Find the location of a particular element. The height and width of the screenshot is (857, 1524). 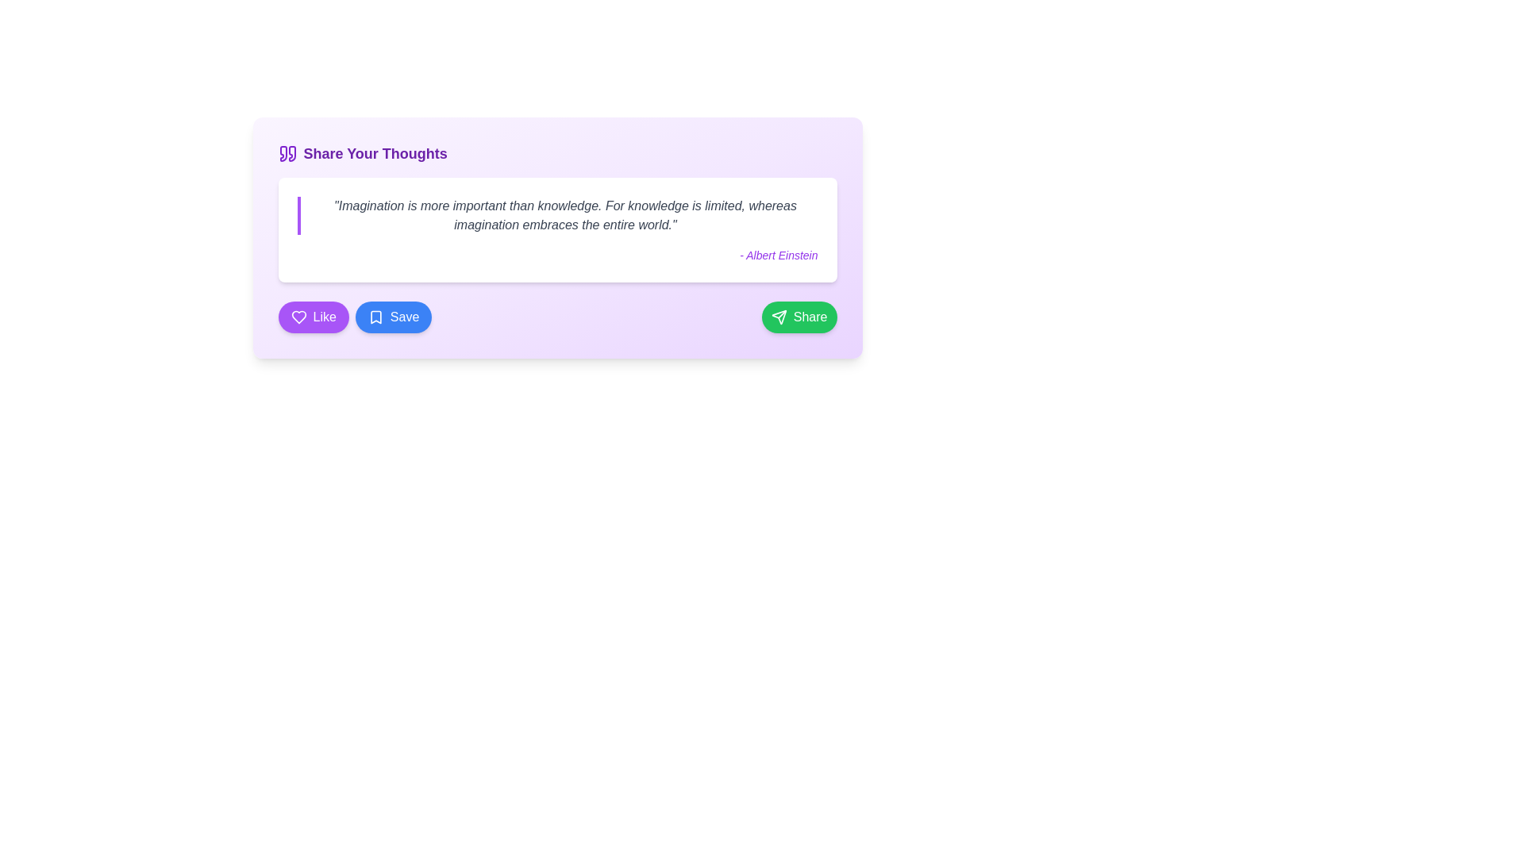

the bookmark icon located to the left of the 'Save' text at the bottom of the card interface is located at coordinates (375, 317).